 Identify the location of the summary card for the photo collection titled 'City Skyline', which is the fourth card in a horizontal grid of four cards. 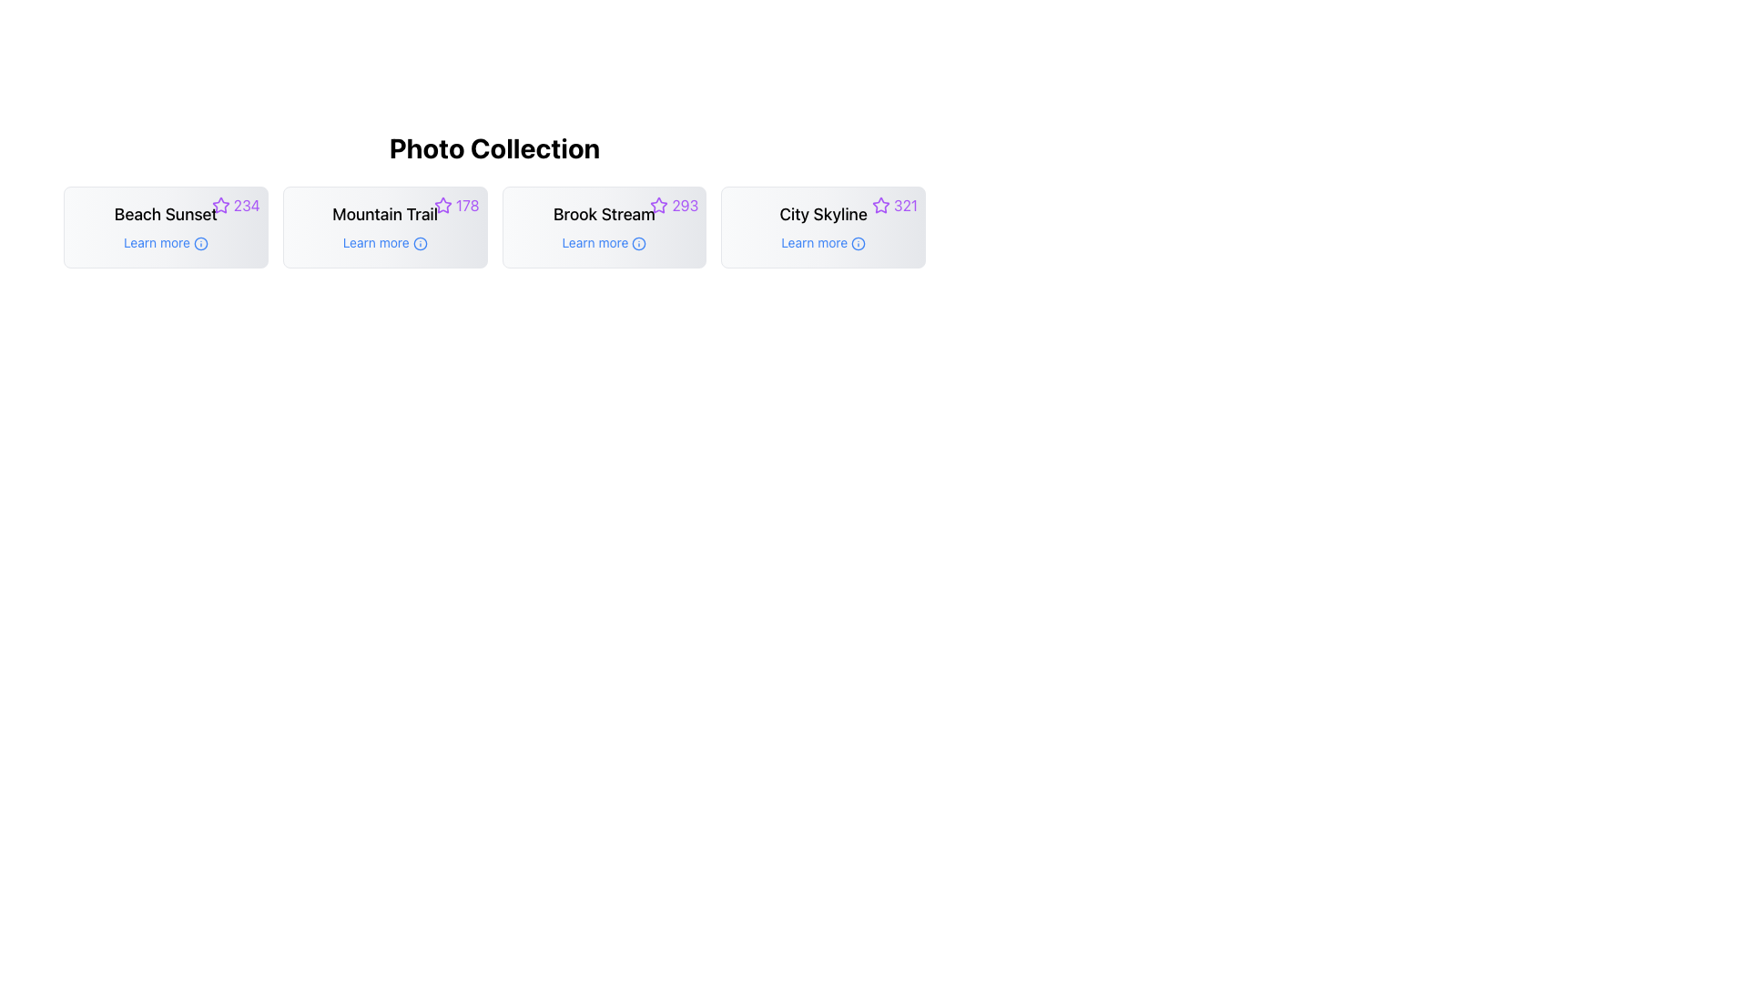
(822, 227).